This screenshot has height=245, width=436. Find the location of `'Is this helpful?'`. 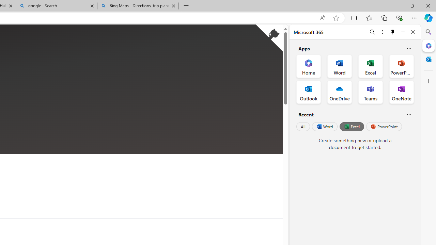

'Is this helpful?' is located at coordinates (409, 114).